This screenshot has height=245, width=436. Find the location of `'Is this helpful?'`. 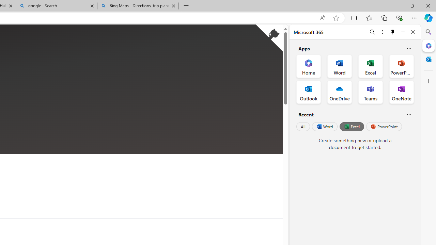

'Is this helpful?' is located at coordinates (409, 114).